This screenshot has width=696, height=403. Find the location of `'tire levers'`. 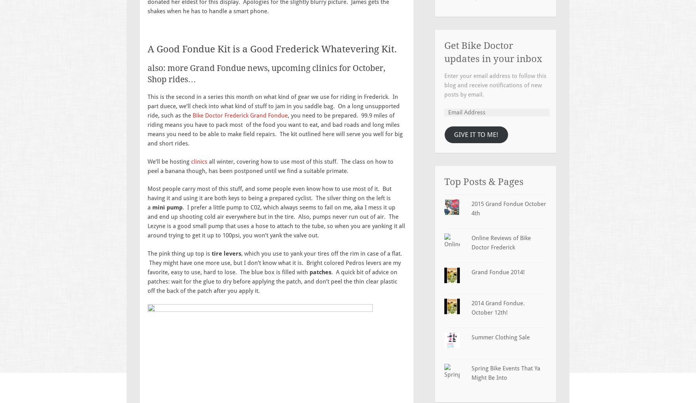

'tire levers' is located at coordinates (226, 253).